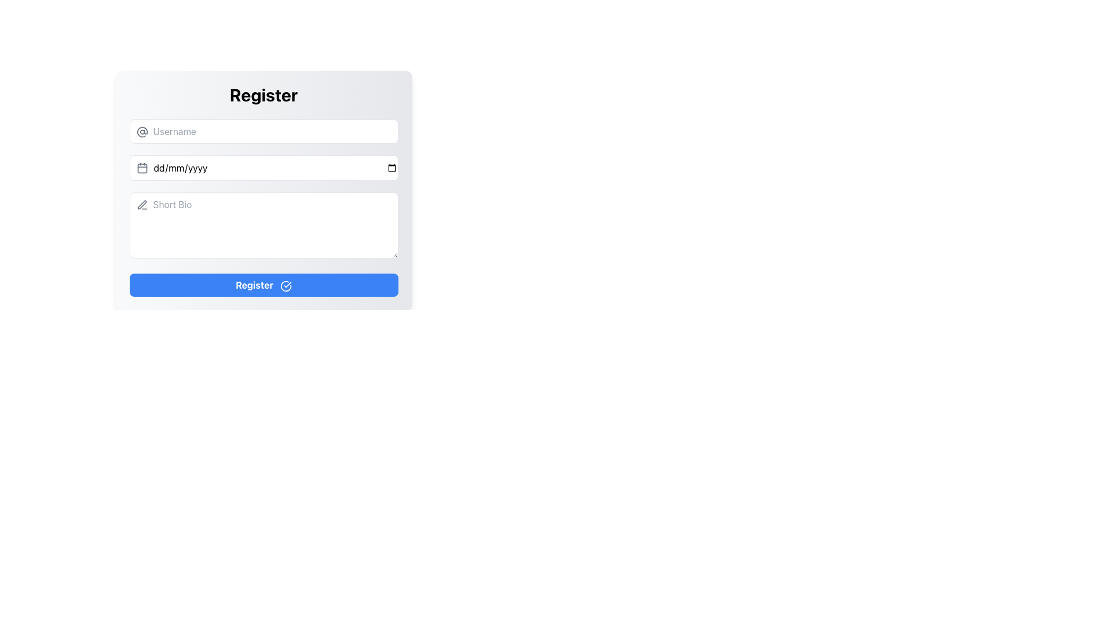 This screenshot has width=1112, height=626. What do you see at coordinates (141, 131) in the screenshot?
I see `the Decorative icon resembling an '@' sign, which is located in the top-left corner of the 'Username' input field` at bounding box center [141, 131].